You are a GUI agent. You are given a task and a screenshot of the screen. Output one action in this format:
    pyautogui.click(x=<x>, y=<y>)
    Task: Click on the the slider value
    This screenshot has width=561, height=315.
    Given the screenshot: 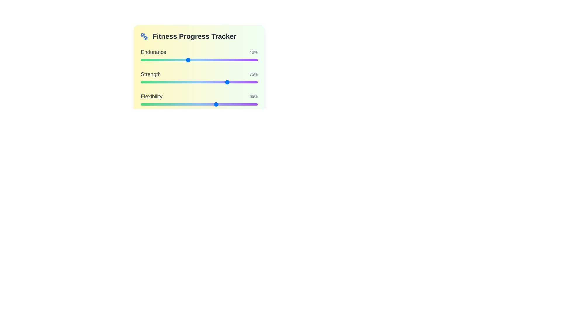 What is the action you would take?
    pyautogui.click(x=240, y=82)
    